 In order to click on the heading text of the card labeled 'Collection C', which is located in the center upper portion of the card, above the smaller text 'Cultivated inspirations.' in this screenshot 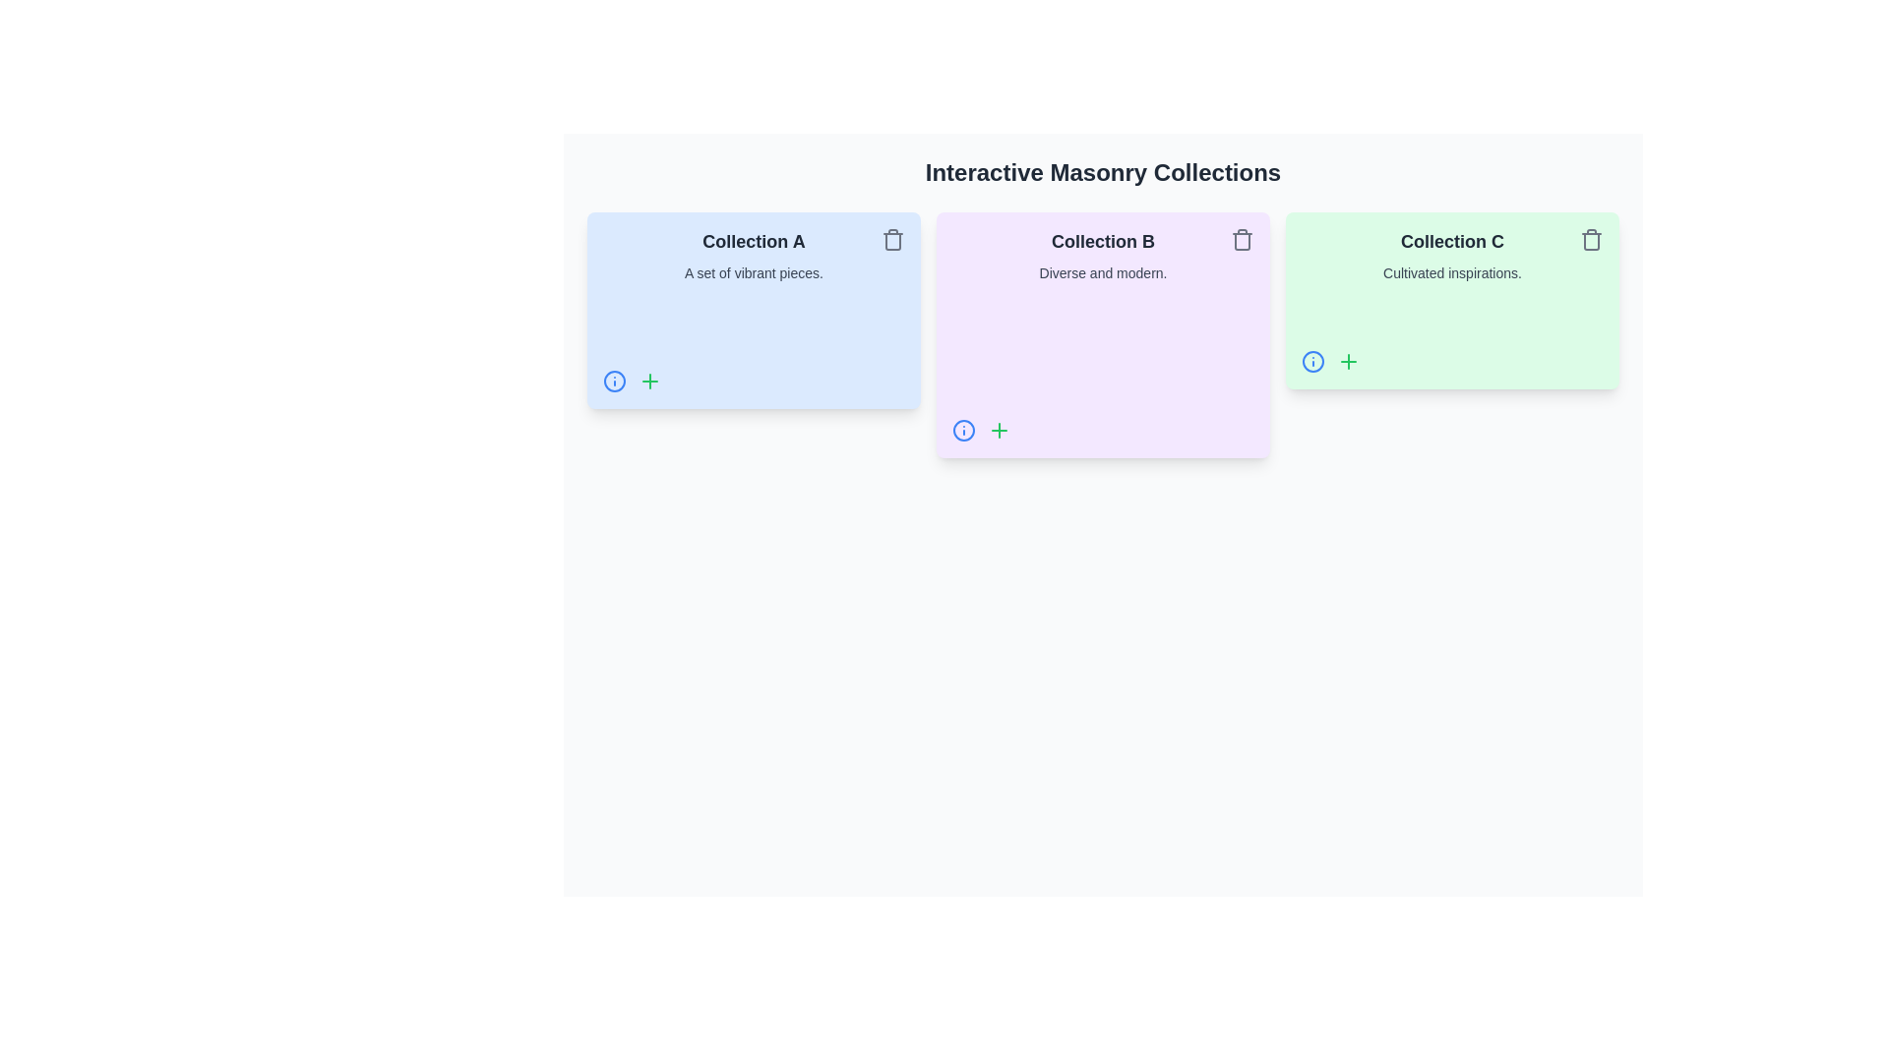, I will do `click(1452, 241)`.